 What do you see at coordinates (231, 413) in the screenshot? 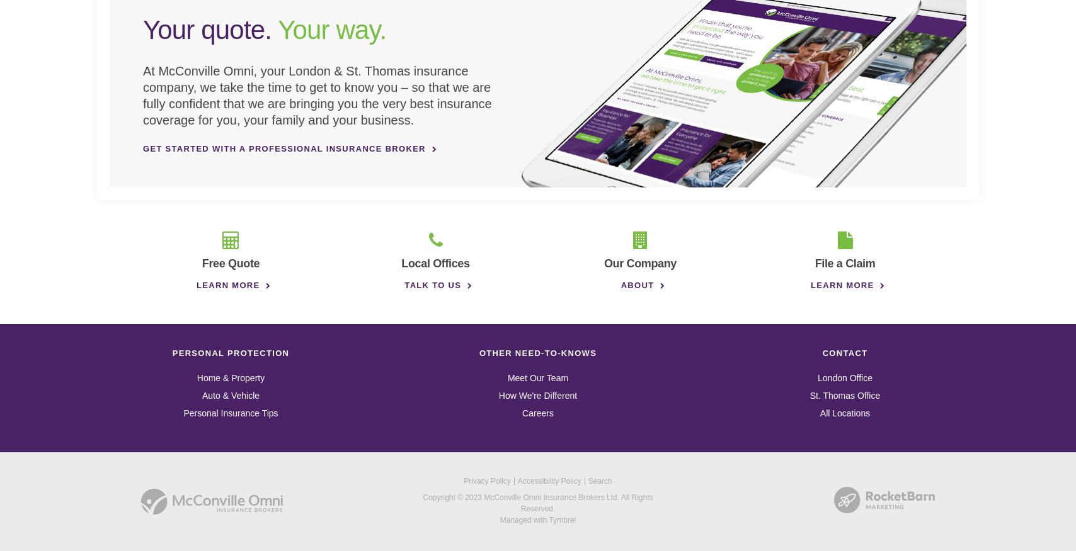
I see `'Personal Insurance Tips'` at bounding box center [231, 413].